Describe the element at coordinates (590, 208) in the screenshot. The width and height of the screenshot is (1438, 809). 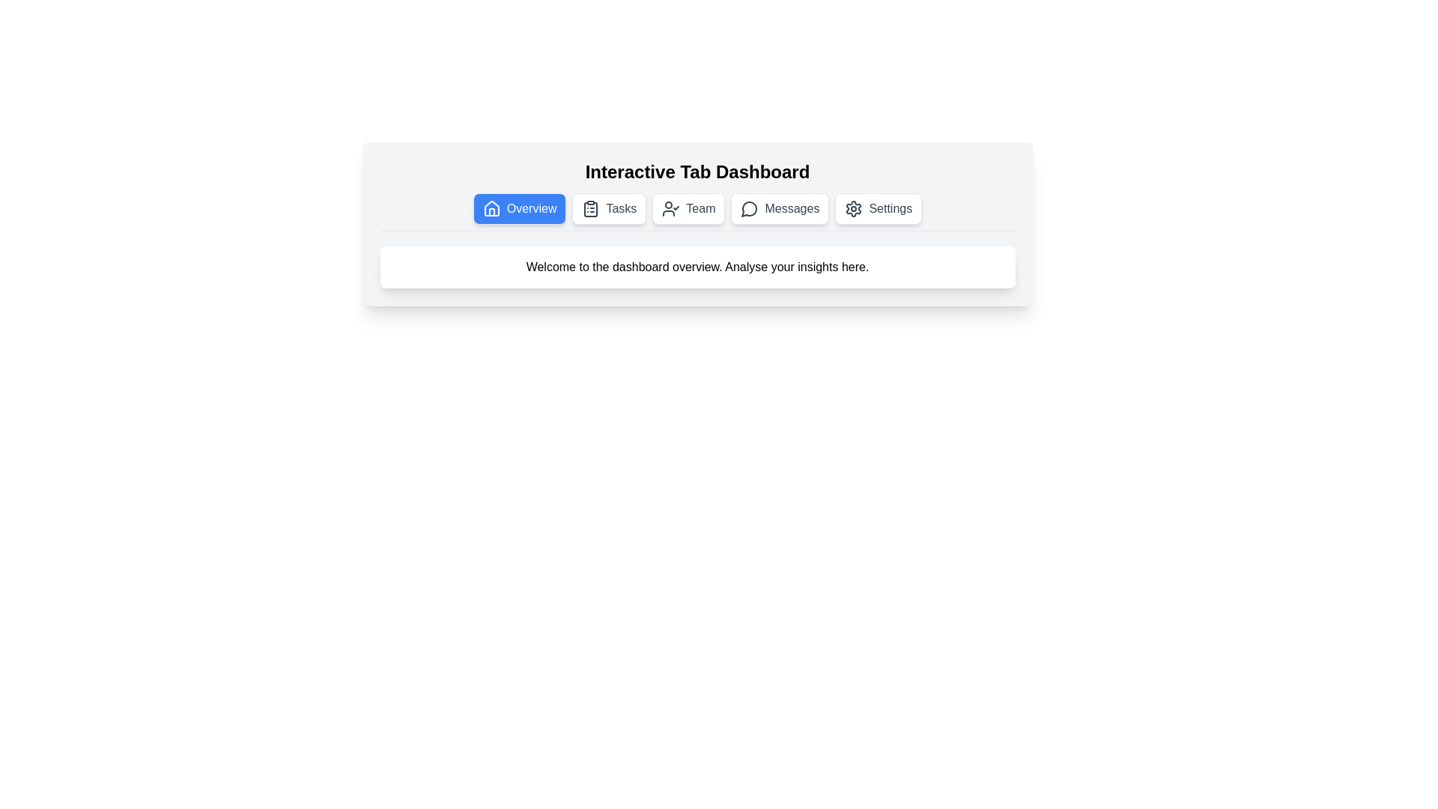
I see `the clipboard icon located in the header menu, specifically to the left of the 'Tasks' label` at that location.